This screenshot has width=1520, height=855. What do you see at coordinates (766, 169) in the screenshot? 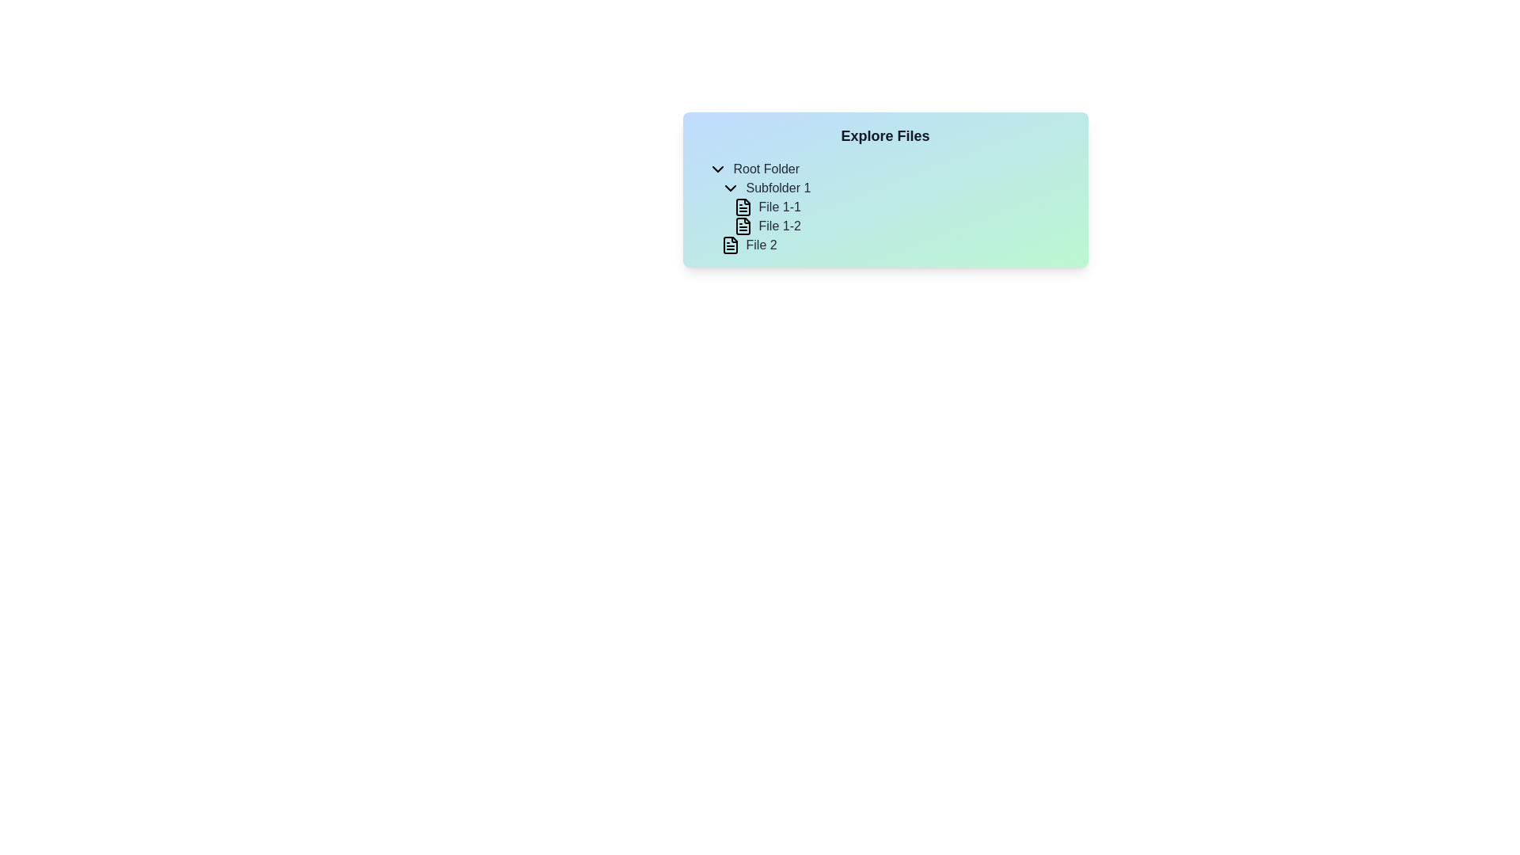
I see `the 'Root Folder' text label, which is styled in gray and bold font, located immediately to the right of the chevron-down icon in the file explorer UI` at bounding box center [766, 169].